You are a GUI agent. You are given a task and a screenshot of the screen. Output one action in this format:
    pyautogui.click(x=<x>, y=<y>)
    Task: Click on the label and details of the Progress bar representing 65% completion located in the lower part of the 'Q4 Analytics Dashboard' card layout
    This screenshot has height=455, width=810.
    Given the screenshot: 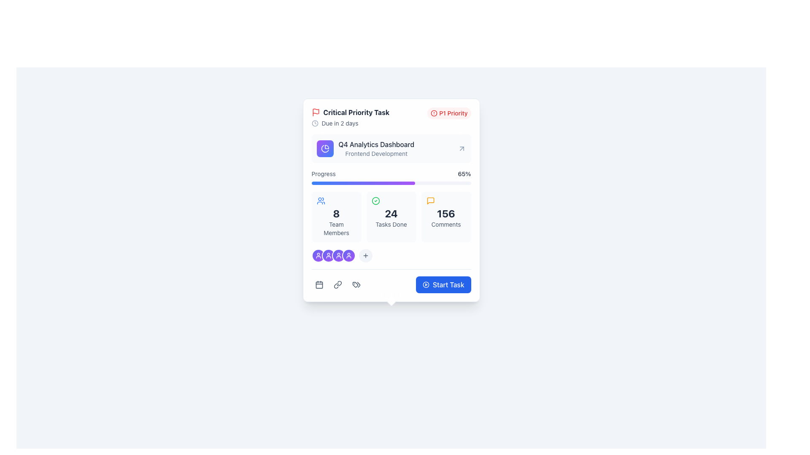 What is the action you would take?
    pyautogui.click(x=391, y=177)
    